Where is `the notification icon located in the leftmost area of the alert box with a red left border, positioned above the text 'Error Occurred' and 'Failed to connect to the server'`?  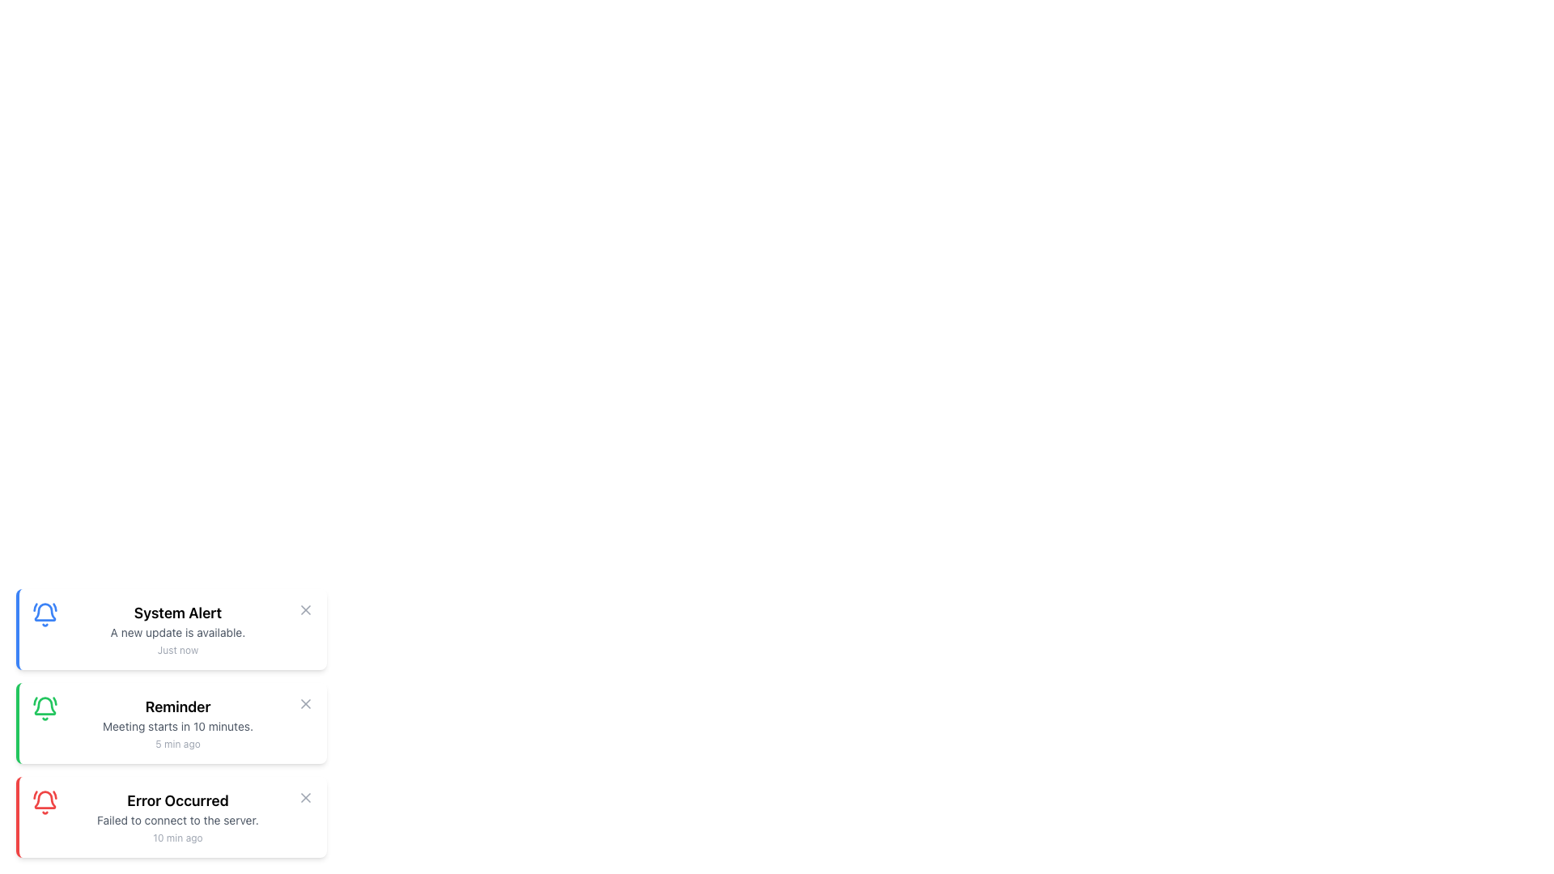
the notification icon located in the leftmost area of the alert box with a red left border, positioned above the text 'Error Occurred' and 'Failed to connect to the server' is located at coordinates (45, 802).